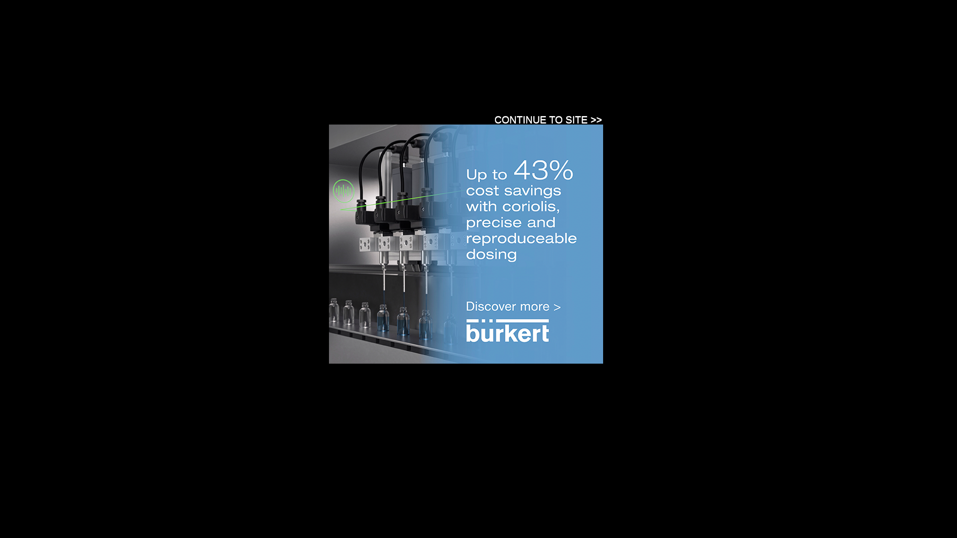 The image size is (957, 538). I want to click on 'CONTINUE TO SITE >>', so click(547, 119).